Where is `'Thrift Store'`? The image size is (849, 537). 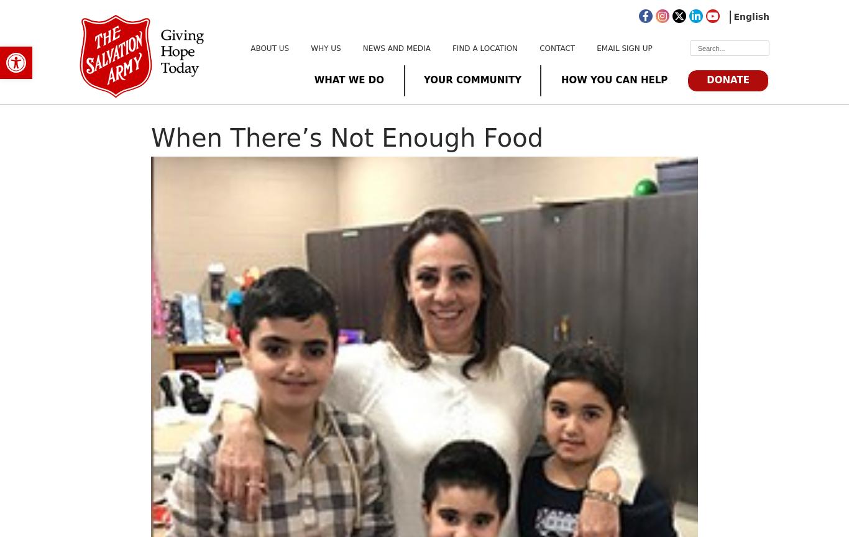 'Thrift Store' is located at coordinates (302, 260).